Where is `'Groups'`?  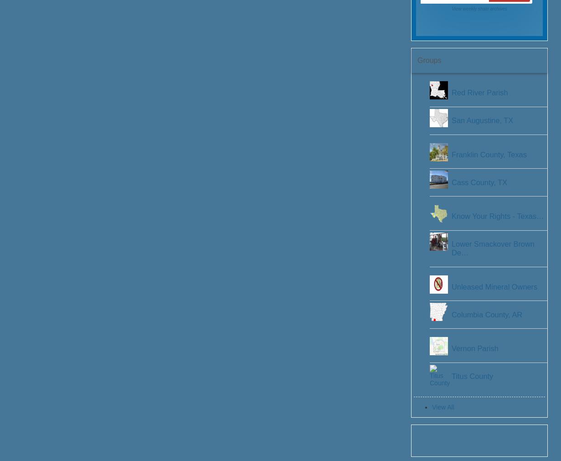 'Groups' is located at coordinates (428, 59).